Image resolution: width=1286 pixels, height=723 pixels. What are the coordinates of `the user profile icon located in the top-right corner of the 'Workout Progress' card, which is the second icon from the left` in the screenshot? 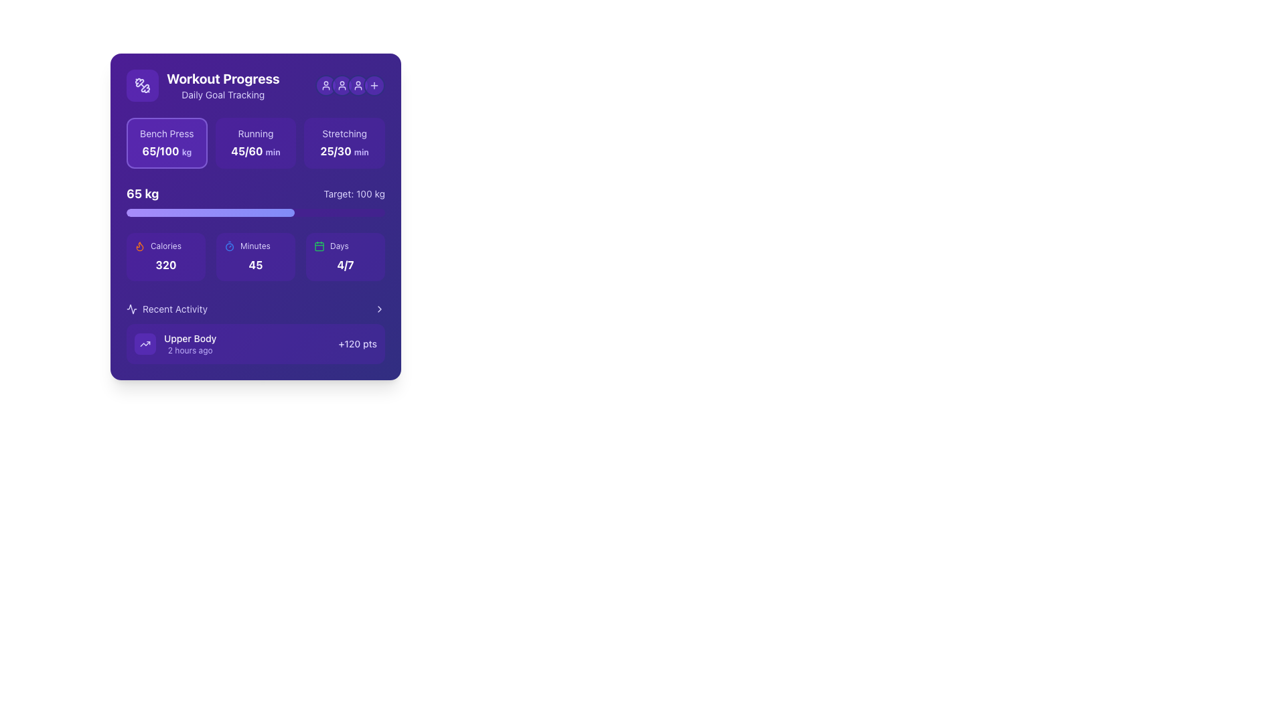 It's located at (342, 85).